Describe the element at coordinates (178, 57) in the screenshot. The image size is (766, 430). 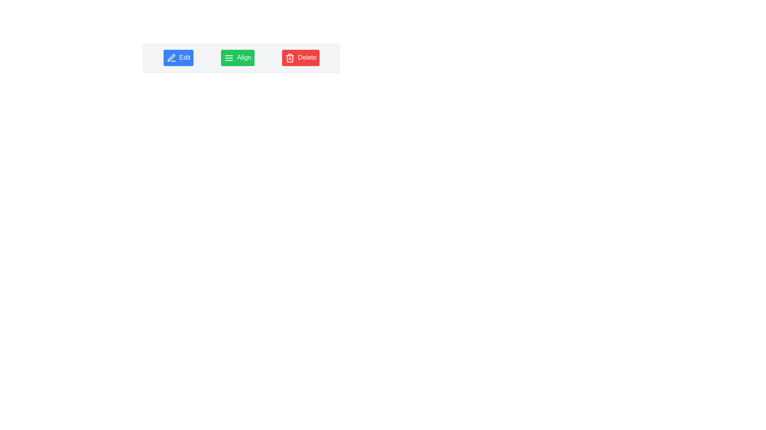
I see `the 'Edit' button located at the top-left of the interface` at that location.